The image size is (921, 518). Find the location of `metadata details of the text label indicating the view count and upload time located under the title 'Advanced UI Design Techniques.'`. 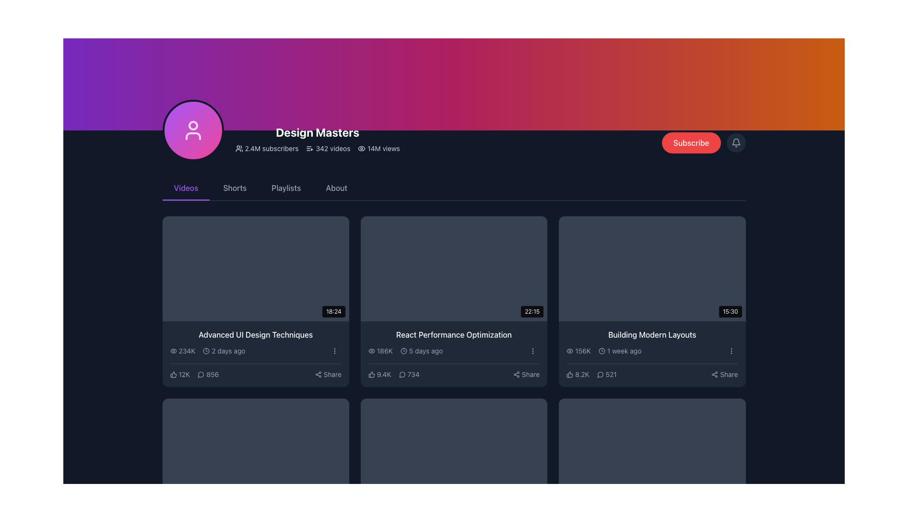

metadata details of the text label indicating the view count and upload time located under the title 'Advanced UI Design Techniques.' is located at coordinates (207, 351).